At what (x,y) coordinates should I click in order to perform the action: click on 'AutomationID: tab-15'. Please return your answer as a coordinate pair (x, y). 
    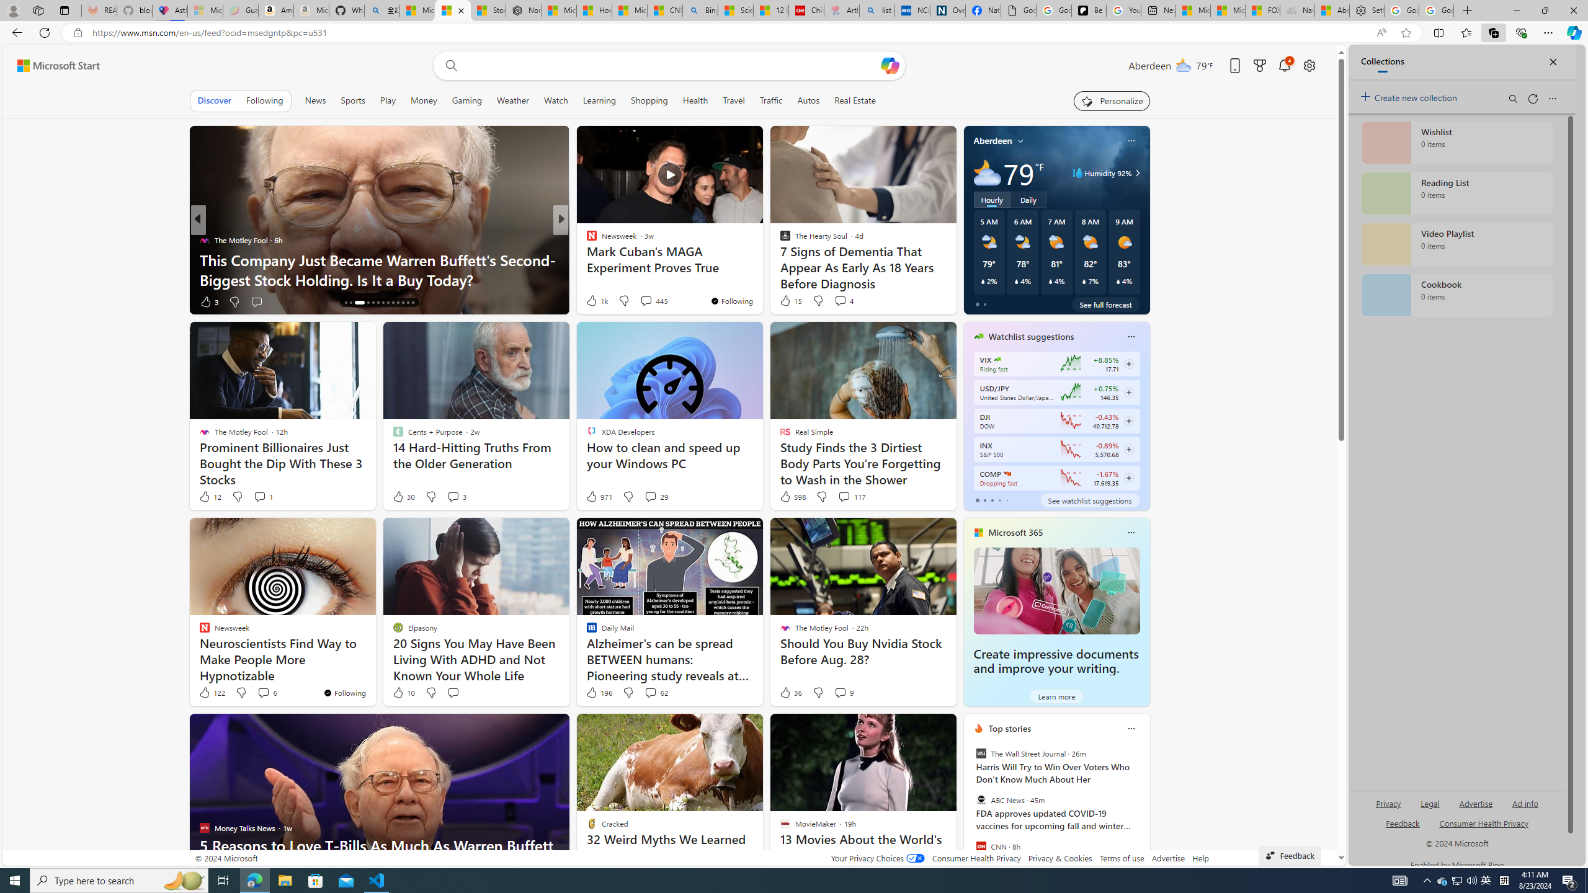
    Looking at the image, I should click on (350, 302).